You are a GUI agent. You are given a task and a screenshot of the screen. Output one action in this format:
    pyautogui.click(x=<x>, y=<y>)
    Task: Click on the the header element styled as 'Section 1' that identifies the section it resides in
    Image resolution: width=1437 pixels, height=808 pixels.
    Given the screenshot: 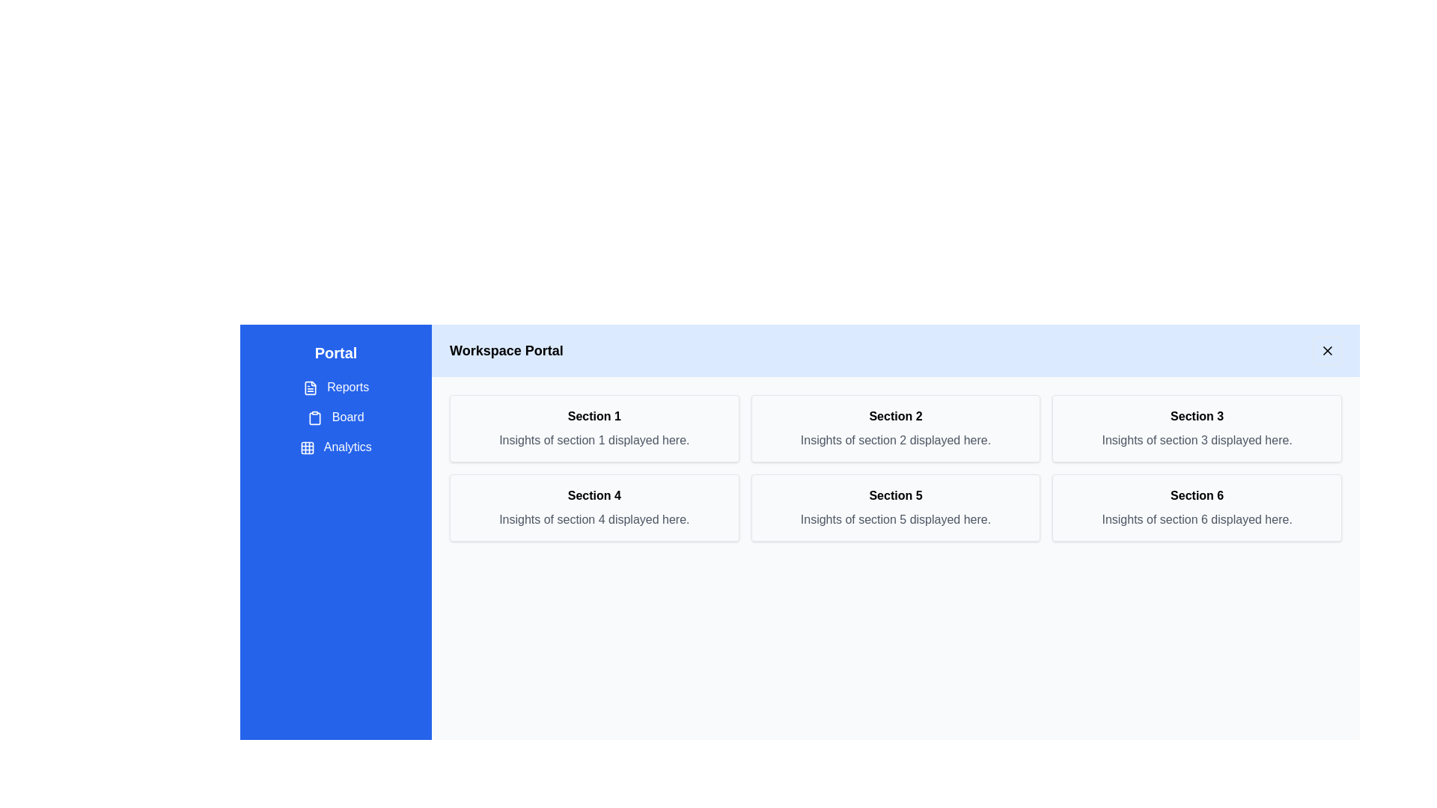 What is the action you would take?
    pyautogui.click(x=594, y=416)
    